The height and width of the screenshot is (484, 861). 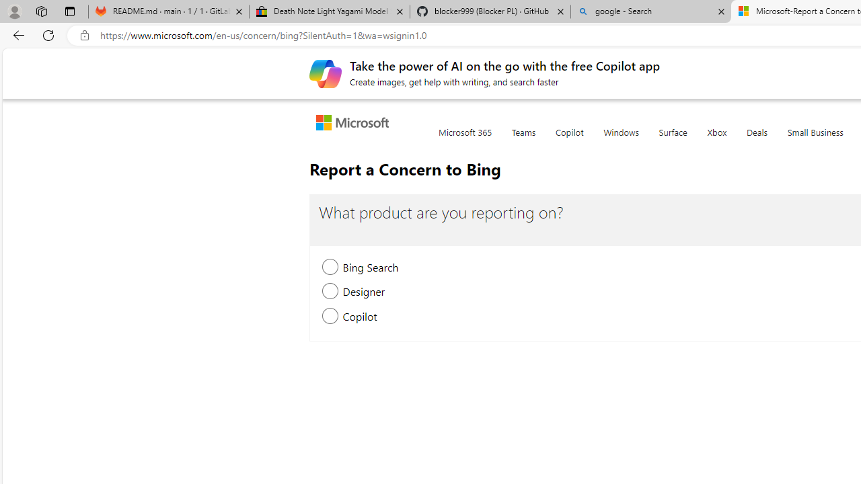 I want to click on 'google - Search', so click(x=650, y=11).